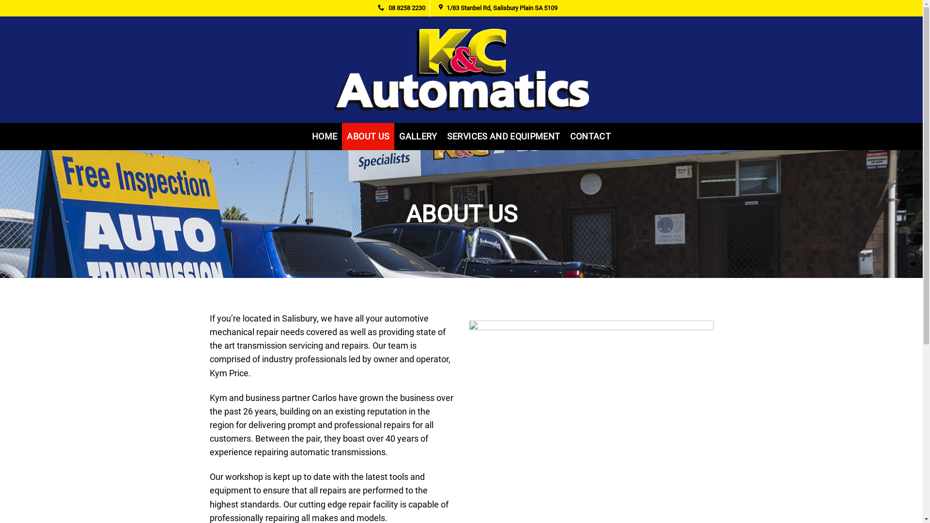 This screenshot has width=930, height=523. Describe the element at coordinates (367, 136) in the screenshot. I see `'ABOUT US'` at that location.